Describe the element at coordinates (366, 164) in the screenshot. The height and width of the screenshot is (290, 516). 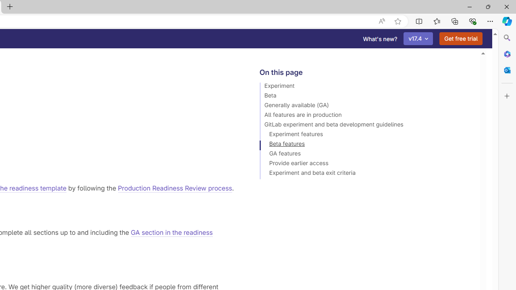
I see `'Provide earlier access'` at that location.